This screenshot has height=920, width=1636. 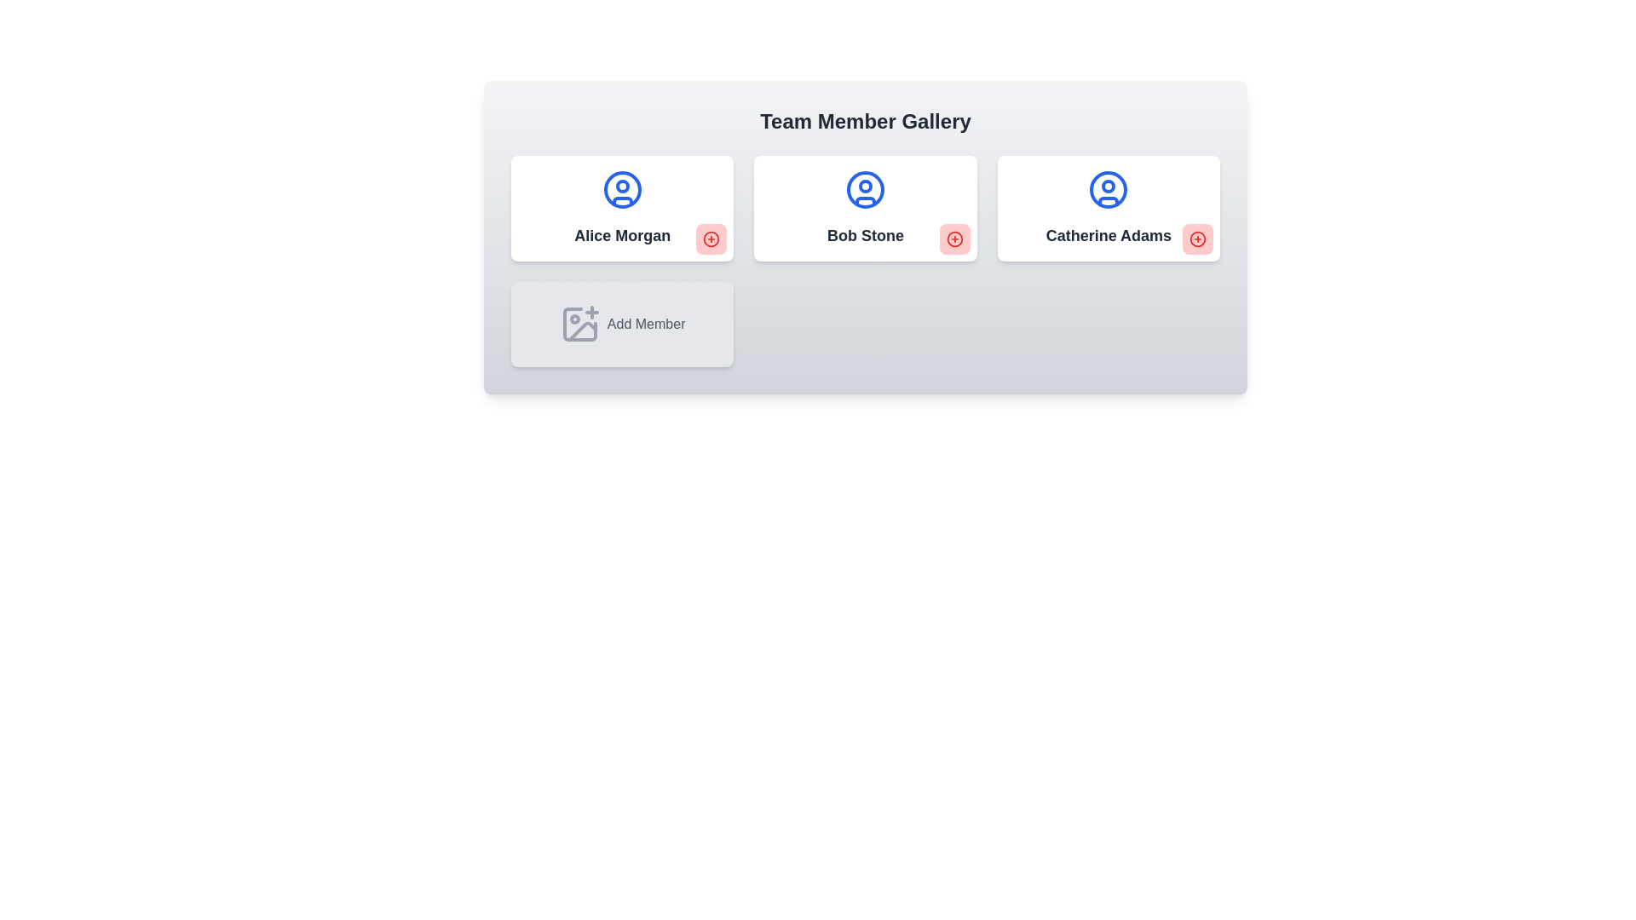 What do you see at coordinates (954, 239) in the screenshot?
I see `the circular red button with a '+' icon located at the bottom-right corner of the 'Bob Stone' card in the 'Team Member Gallery'` at bounding box center [954, 239].